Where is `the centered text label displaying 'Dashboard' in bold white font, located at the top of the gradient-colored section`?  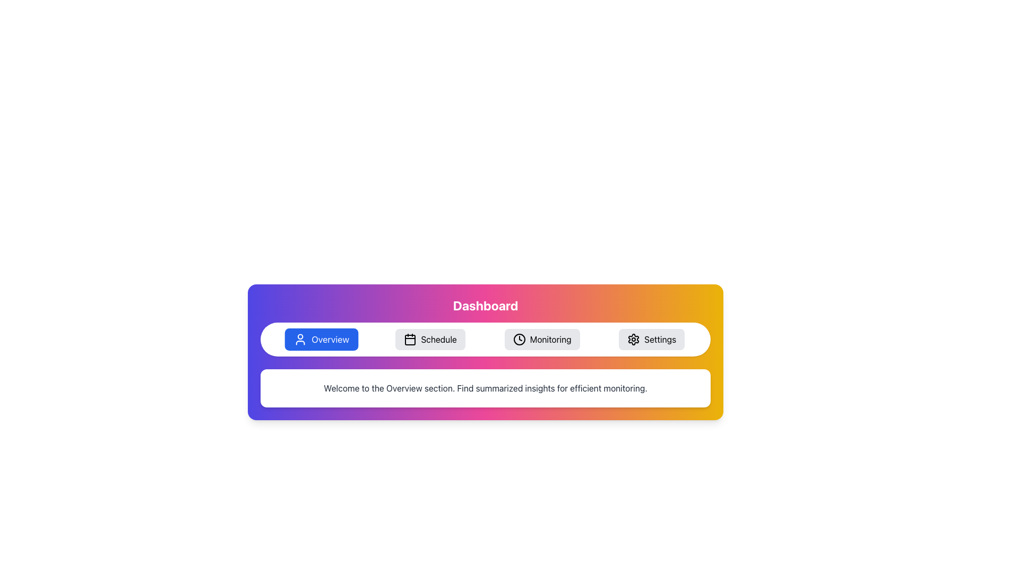 the centered text label displaying 'Dashboard' in bold white font, located at the top of the gradient-colored section is located at coordinates (485, 305).